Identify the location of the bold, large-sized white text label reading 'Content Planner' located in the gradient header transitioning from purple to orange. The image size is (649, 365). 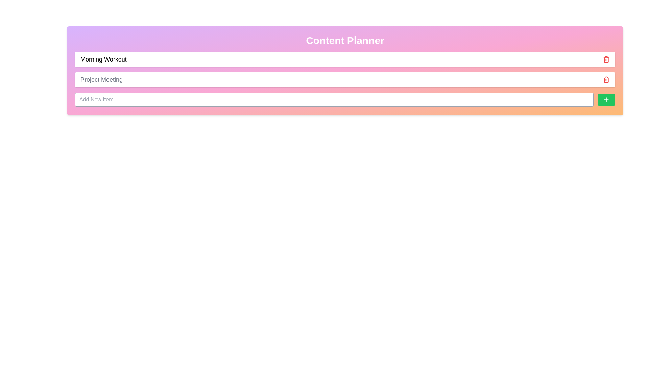
(345, 40).